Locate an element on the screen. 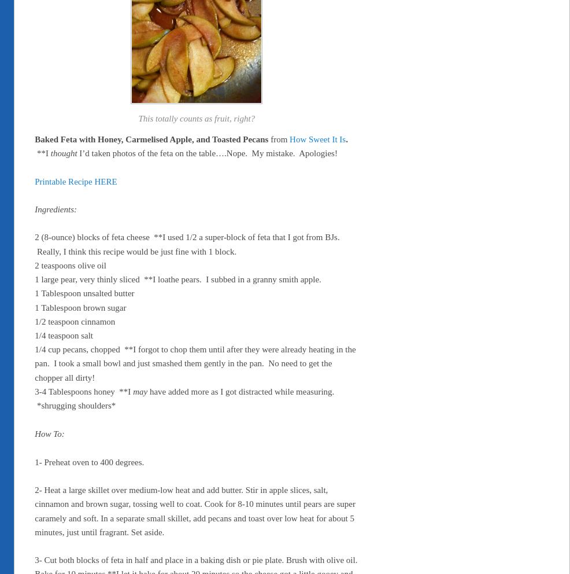 This screenshot has height=574, width=570. '2- Heat a large skillet over medium-low heat and add butter. Stir in apple slices, salt, cinnamon and brown sugar, tossing well to coat. Cook for 8-10 minutes until pears are super caramely and soft. In a separate small skillet, add pecans and toast over low heat for about 5 minutes, just until fragrant. Set aside.' is located at coordinates (34, 510).